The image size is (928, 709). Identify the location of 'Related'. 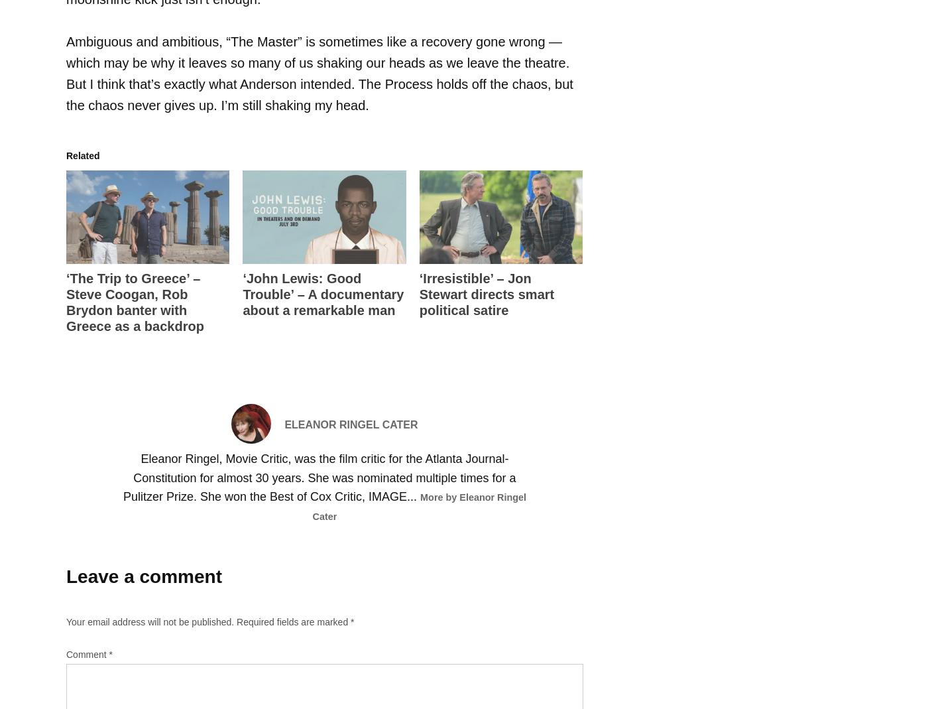
(83, 155).